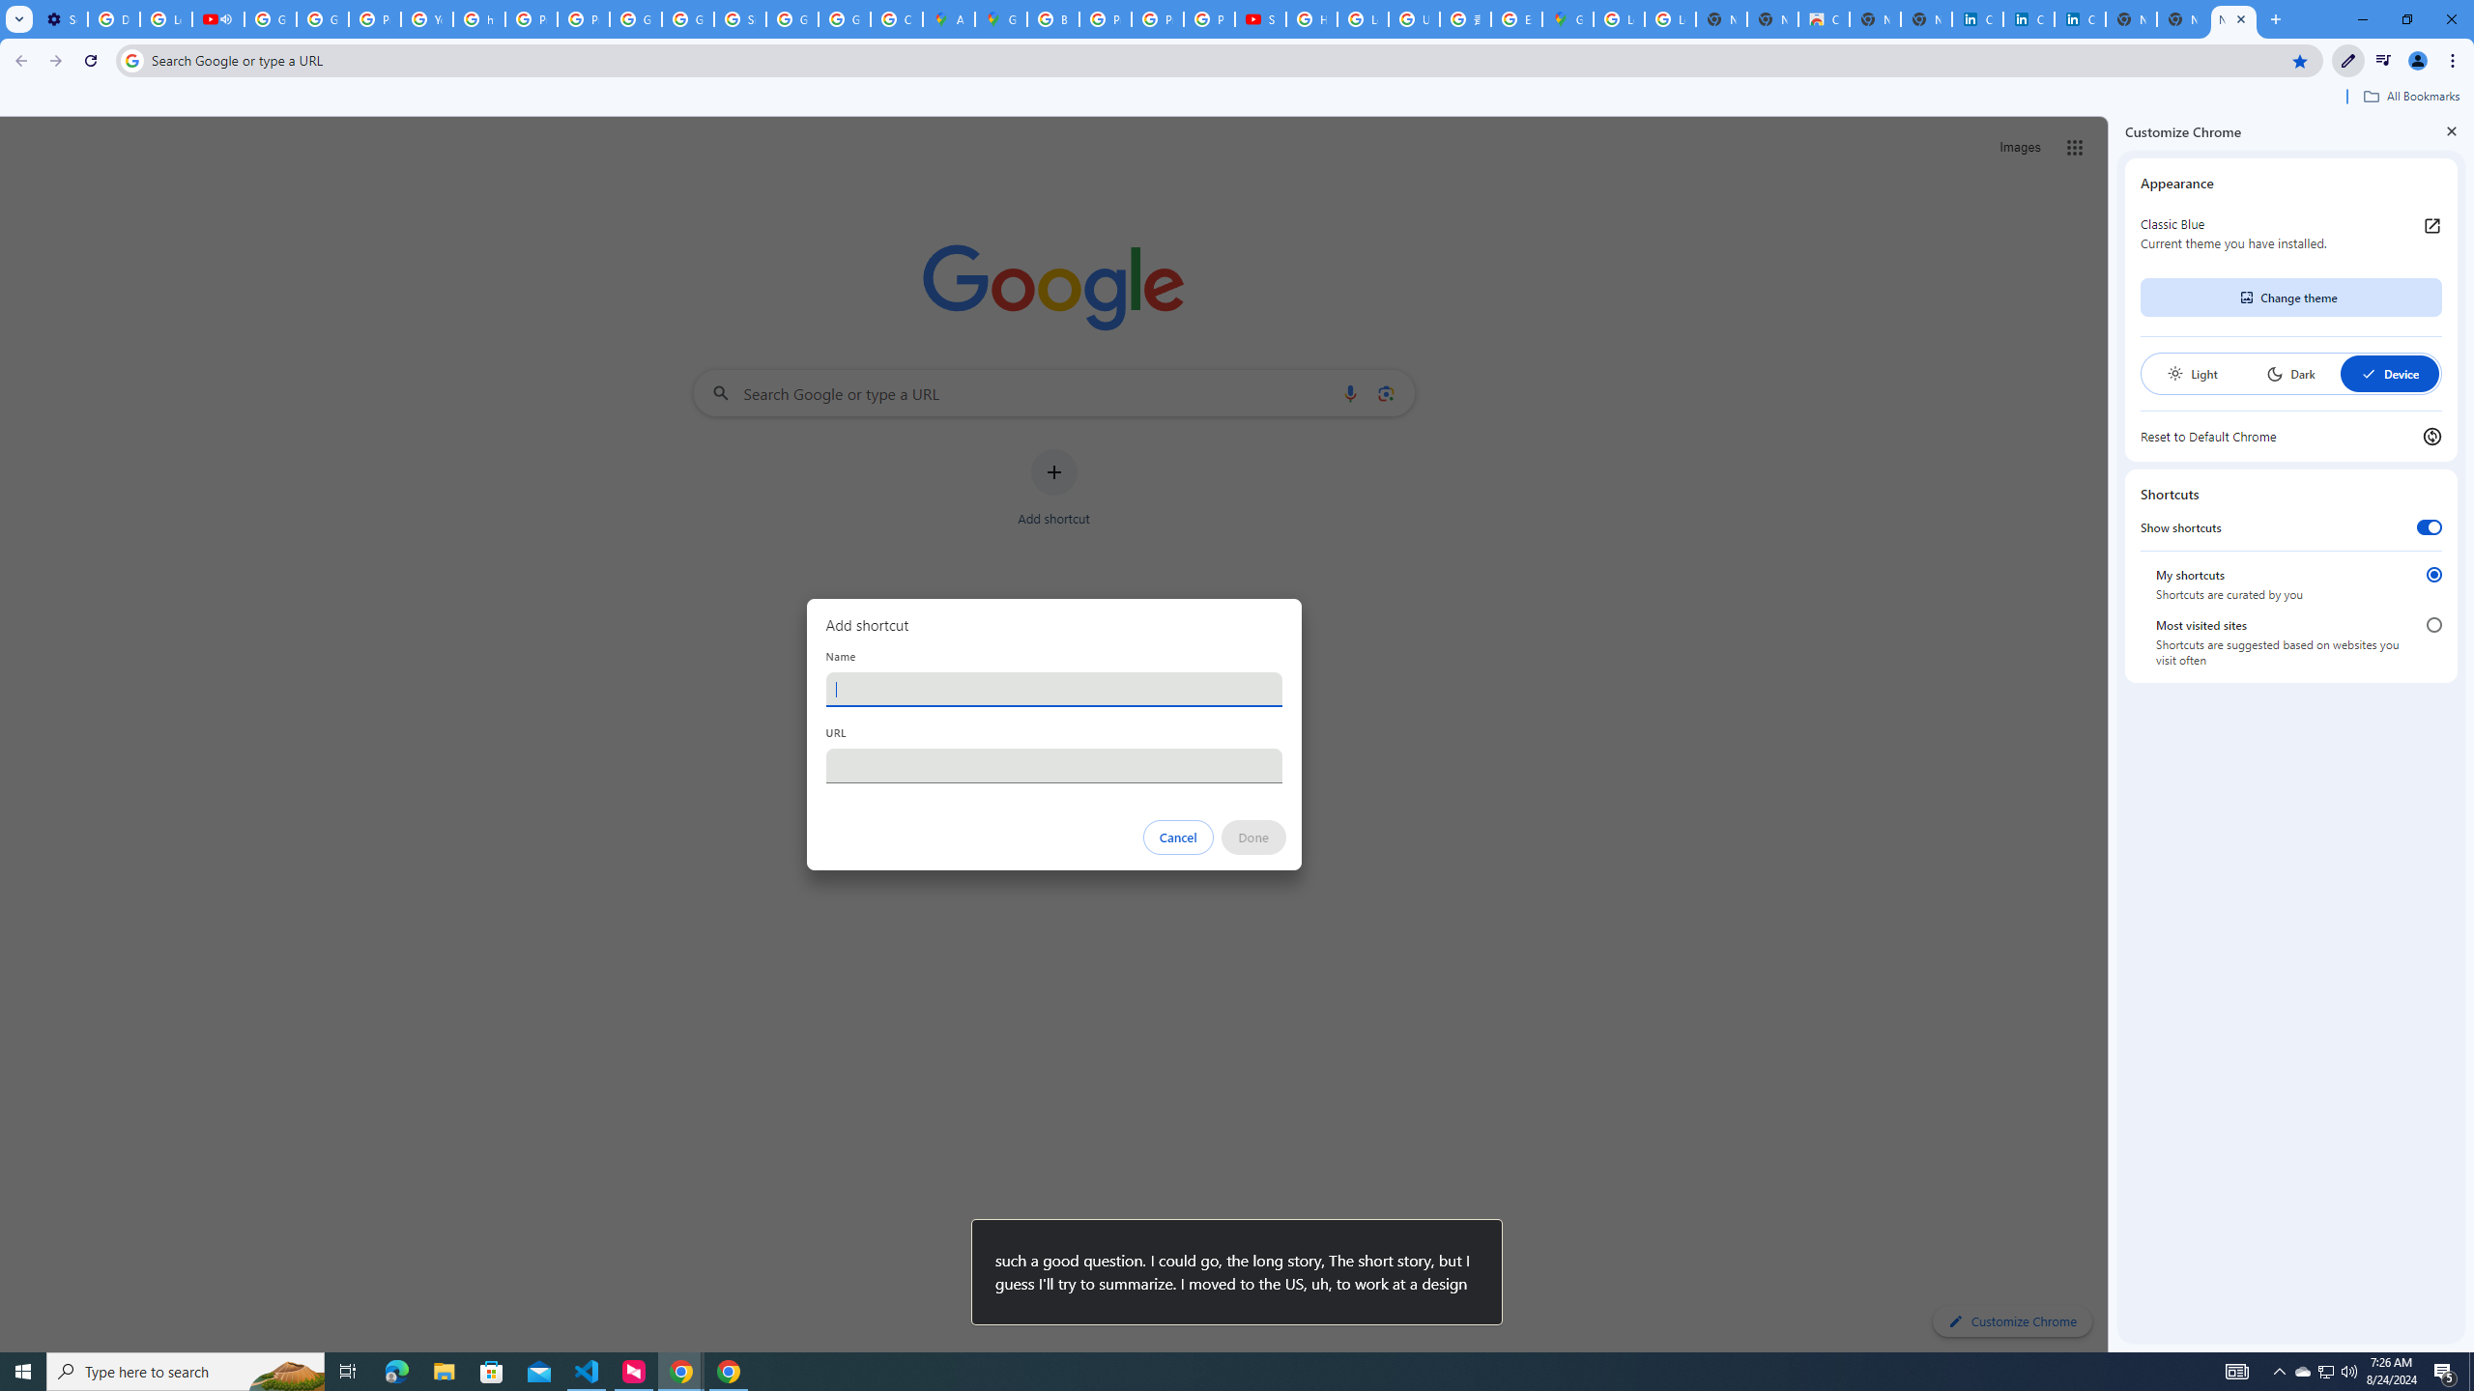 This screenshot has height=1391, width=2474. What do you see at coordinates (2428, 526) in the screenshot?
I see `'Show shortcuts'` at bounding box center [2428, 526].